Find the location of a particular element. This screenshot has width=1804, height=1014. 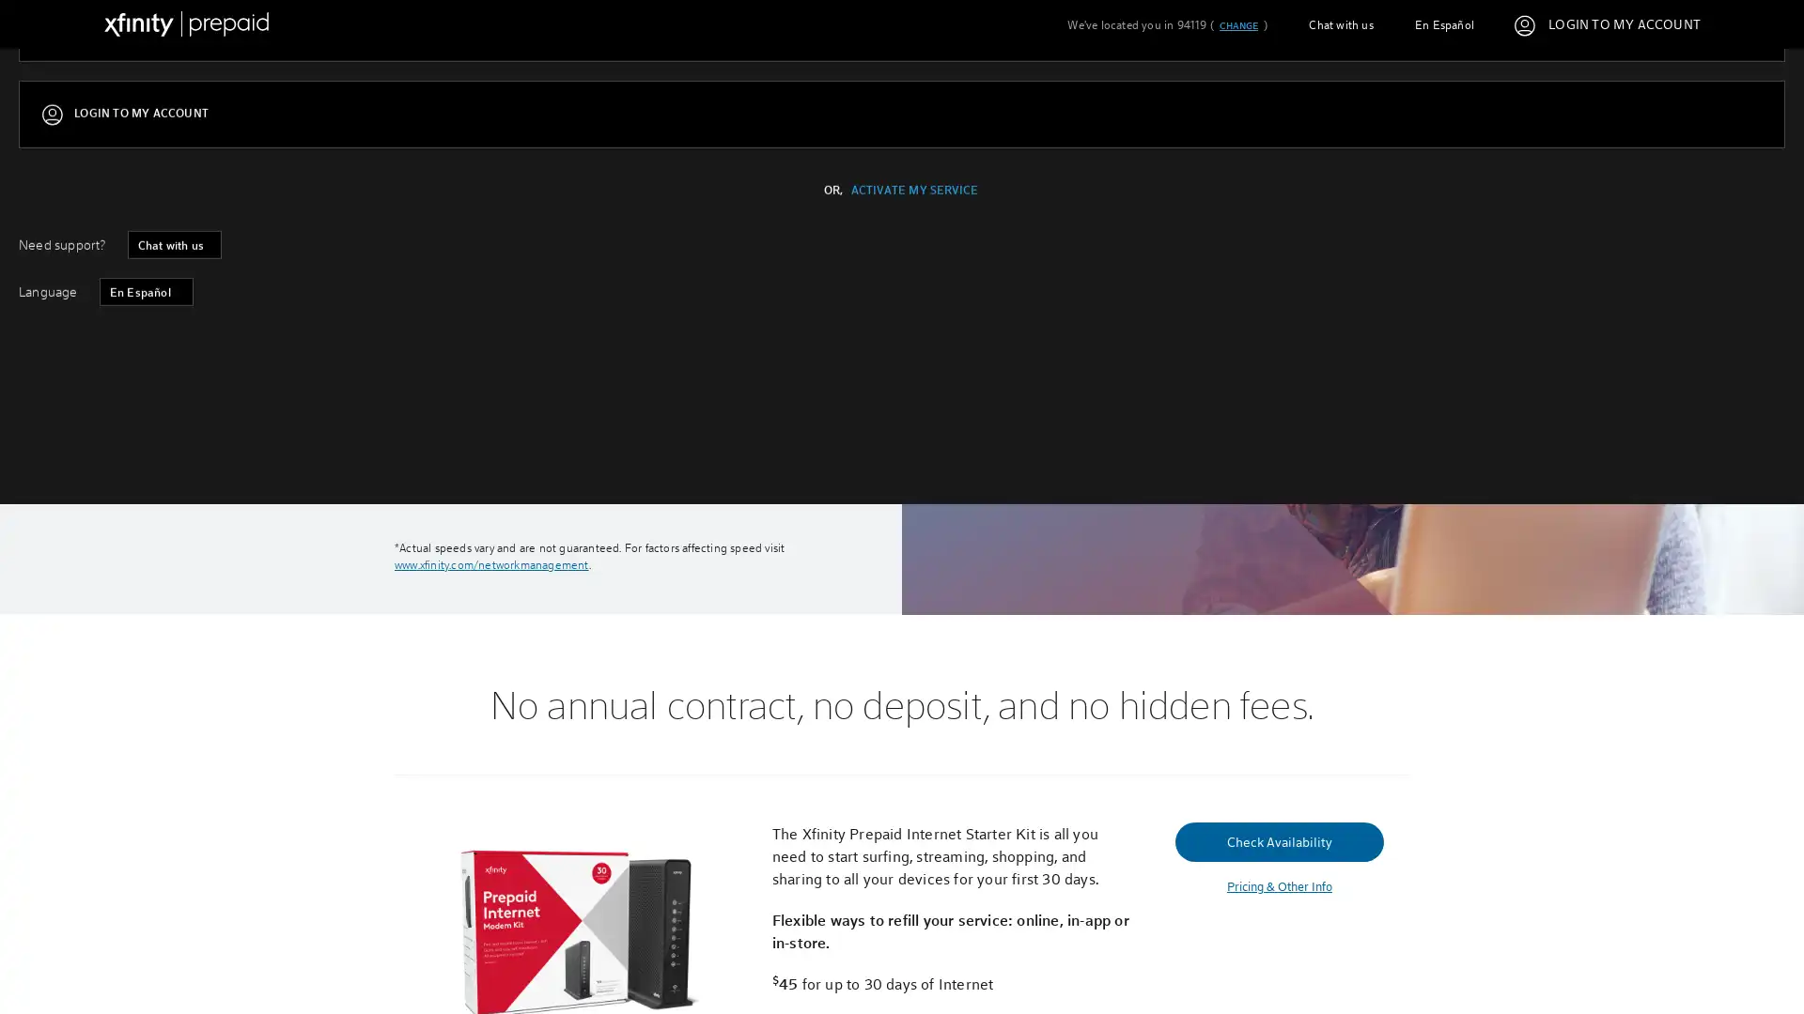

Check Availability is located at coordinates (499, 438).